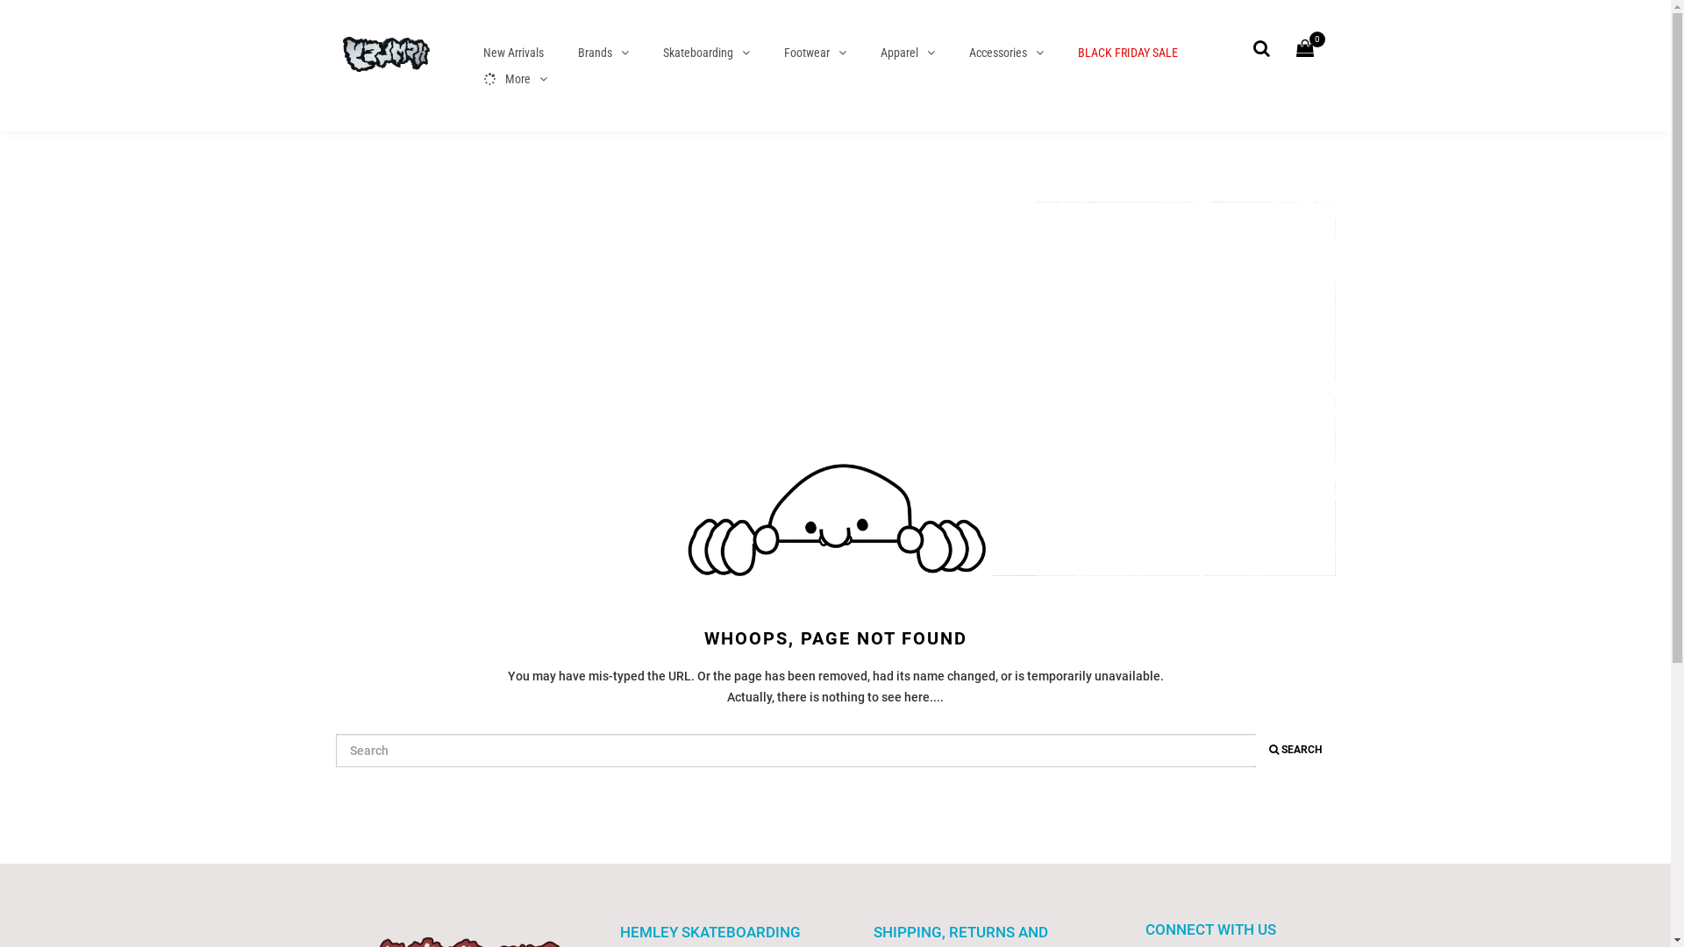 The height and width of the screenshot is (947, 1684). I want to click on '0', so click(1309, 46).